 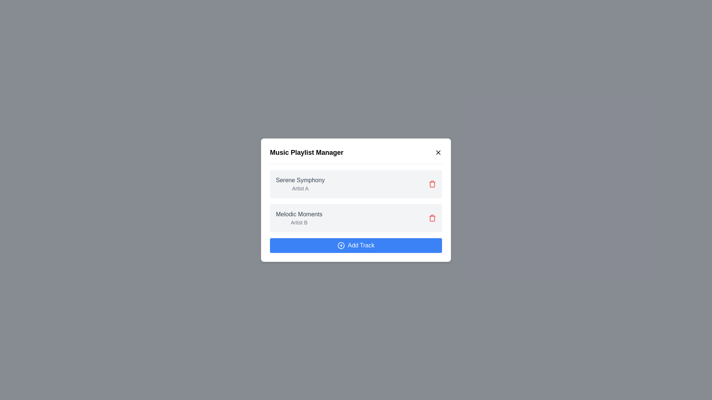 I want to click on the delete action icon button for the 'Melodic Moments' playlist entry to trigger color change for hover feedback, so click(x=432, y=217).